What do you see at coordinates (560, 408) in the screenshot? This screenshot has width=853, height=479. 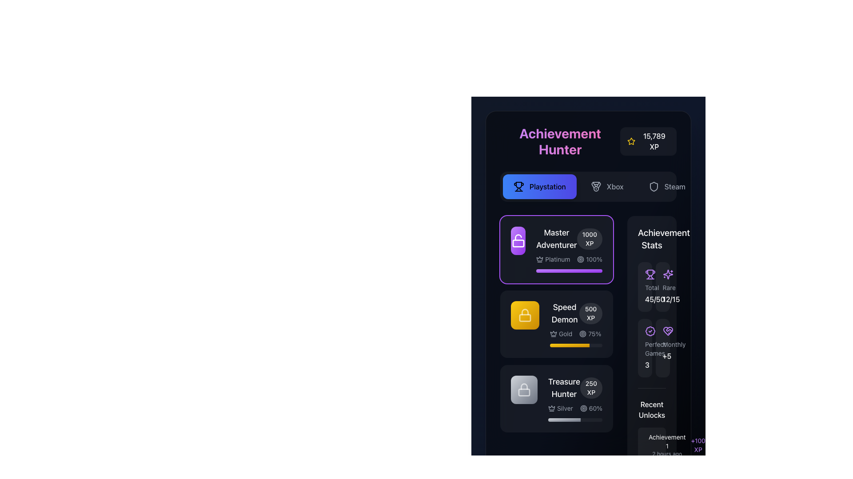 I see `the 'Silver' label which is displayed in a small, gray, sans-serif font and is located to the right of a crown icon in the 'Treasure Hunter' section` at bounding box center [560, 408].